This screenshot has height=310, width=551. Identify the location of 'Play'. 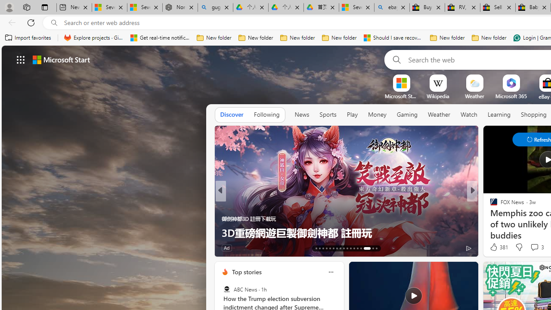
(352, 114).